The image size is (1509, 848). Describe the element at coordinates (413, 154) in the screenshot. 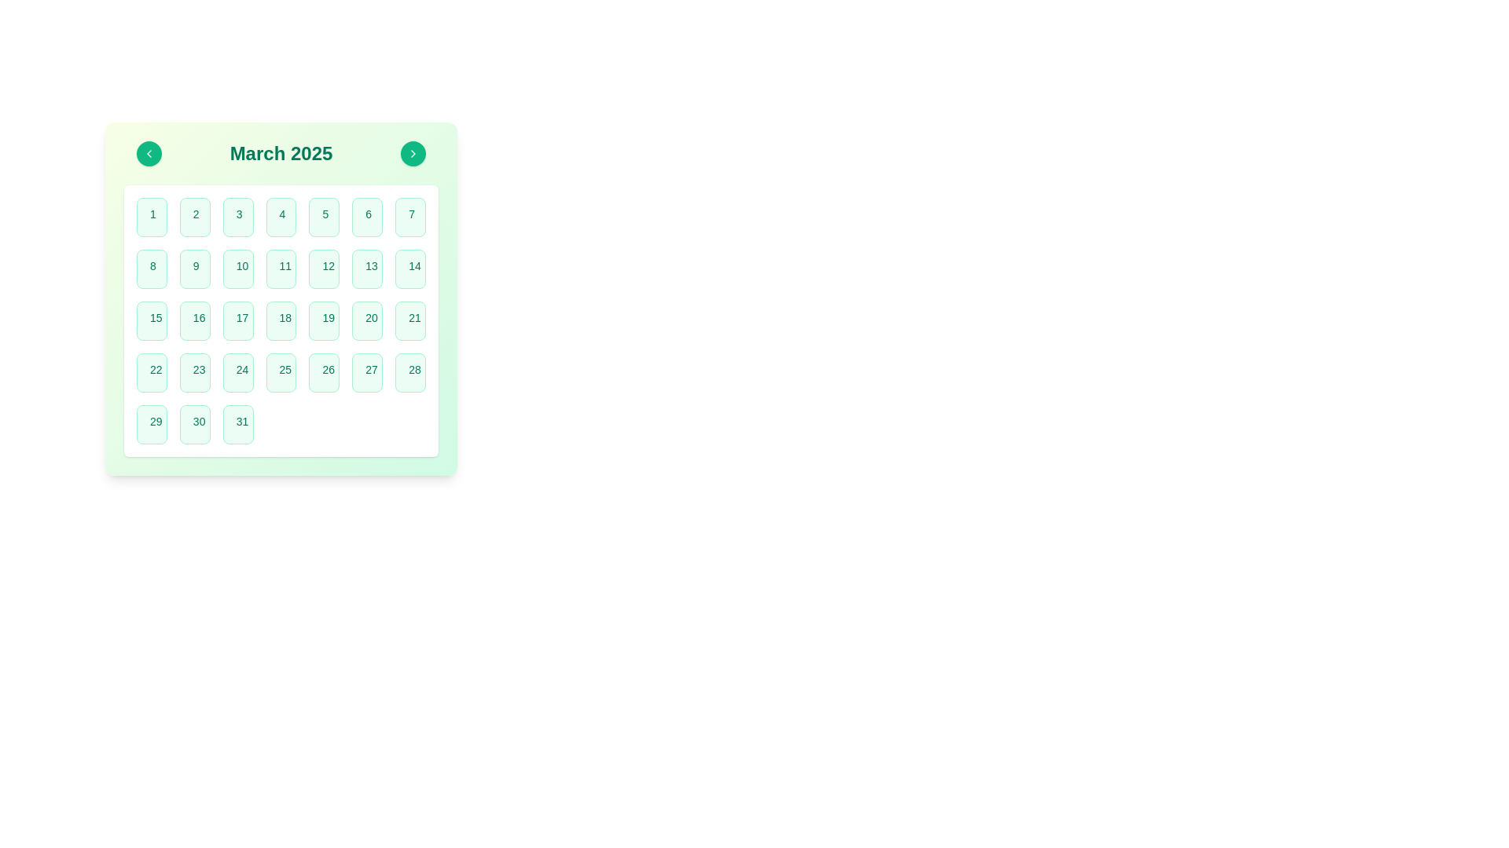

I see `the circular green button with an icon located at the top right of the calendar widget` at that location.